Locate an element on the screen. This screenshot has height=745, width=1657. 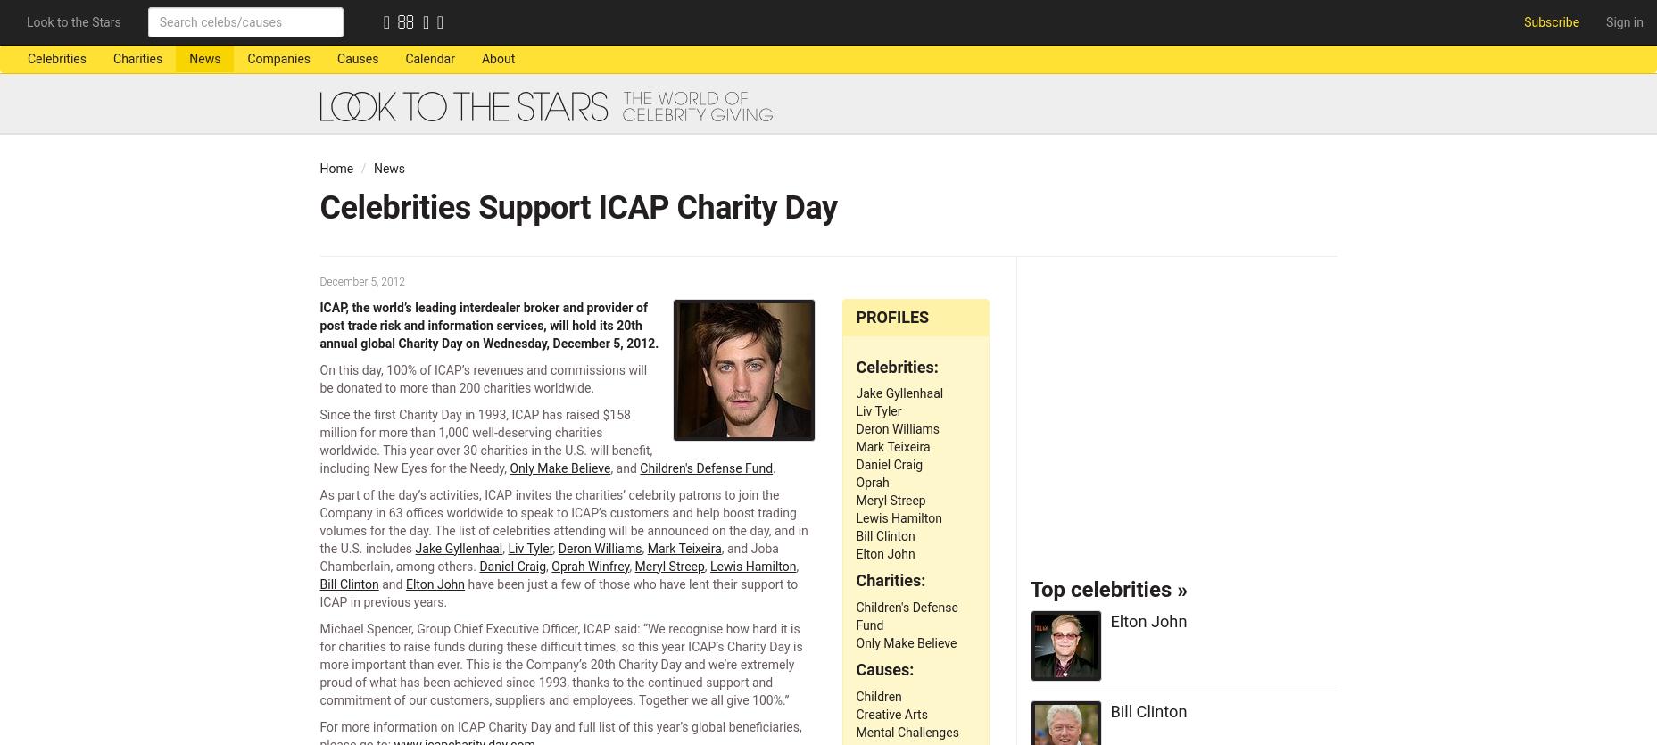
'Celebrities Support ICAP Charity Day' is located at coordinates (576, 207).